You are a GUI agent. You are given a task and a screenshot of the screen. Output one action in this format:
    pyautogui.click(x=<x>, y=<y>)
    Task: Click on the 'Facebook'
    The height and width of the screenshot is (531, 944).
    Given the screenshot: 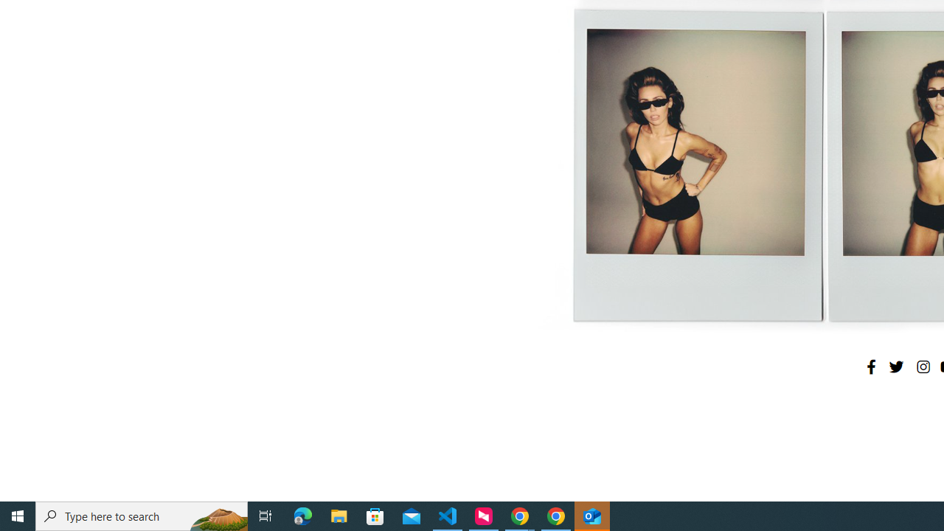 What is the action you would take?
    pyautogui.click(x=871, y=366)
    